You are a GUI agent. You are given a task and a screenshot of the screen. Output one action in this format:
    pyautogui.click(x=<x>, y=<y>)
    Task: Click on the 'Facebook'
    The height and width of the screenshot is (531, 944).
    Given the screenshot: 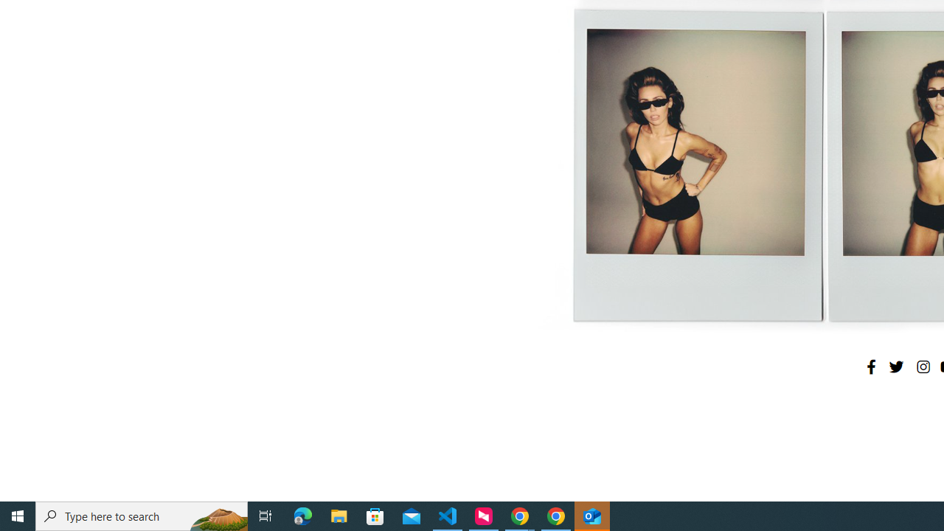 What is the action you would take?
    pyautogui.click(x=871, y=366)
    